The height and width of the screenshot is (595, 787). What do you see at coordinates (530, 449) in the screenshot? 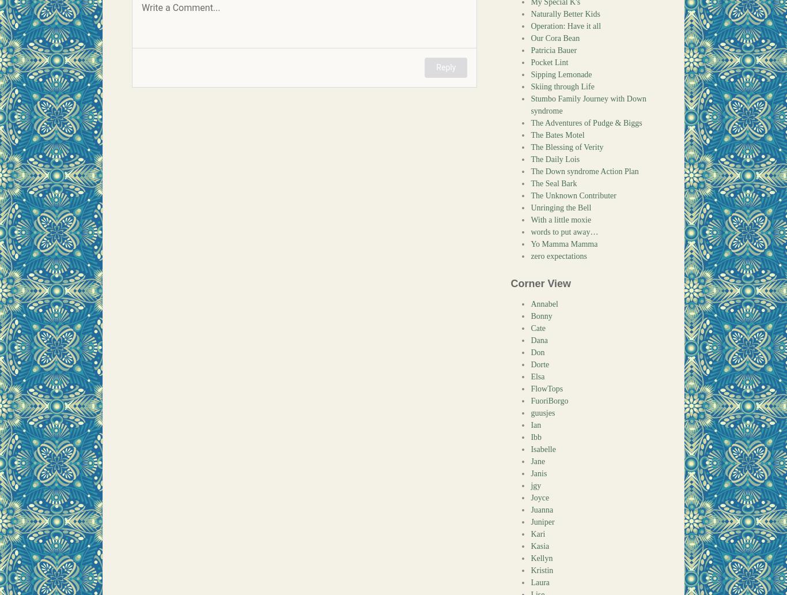
I see `'Isabelle'` at bounding box center [530, 449].